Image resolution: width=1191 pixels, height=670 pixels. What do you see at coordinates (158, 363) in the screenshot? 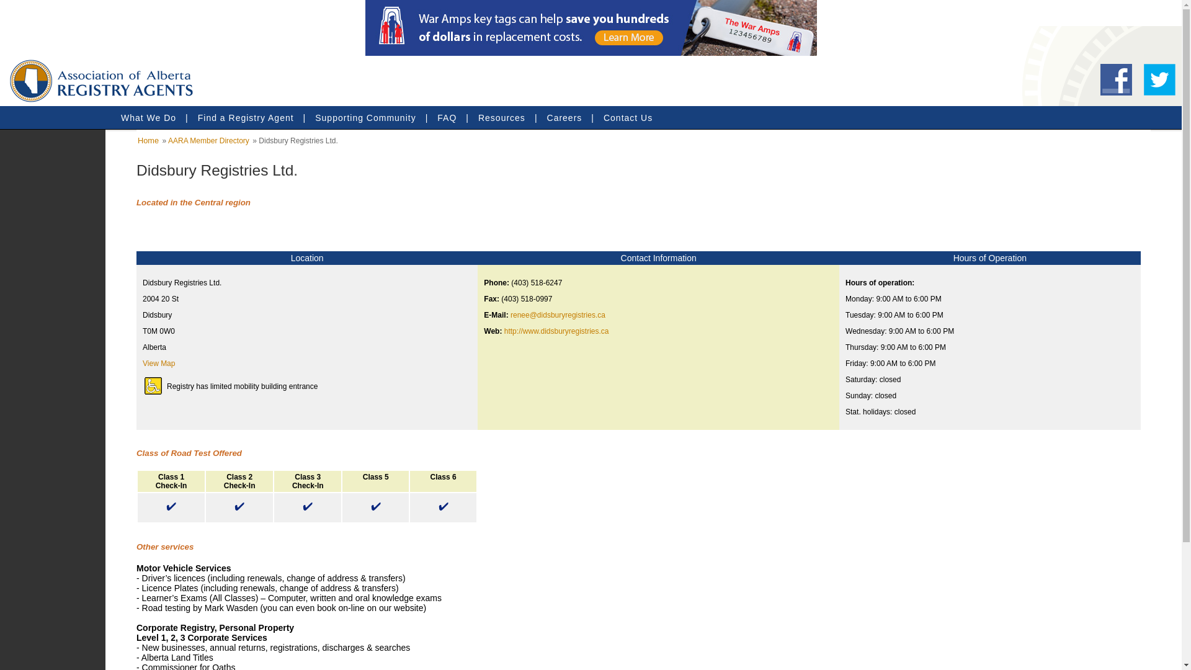
I see `'View Map'` at bounding box center [158, 363].